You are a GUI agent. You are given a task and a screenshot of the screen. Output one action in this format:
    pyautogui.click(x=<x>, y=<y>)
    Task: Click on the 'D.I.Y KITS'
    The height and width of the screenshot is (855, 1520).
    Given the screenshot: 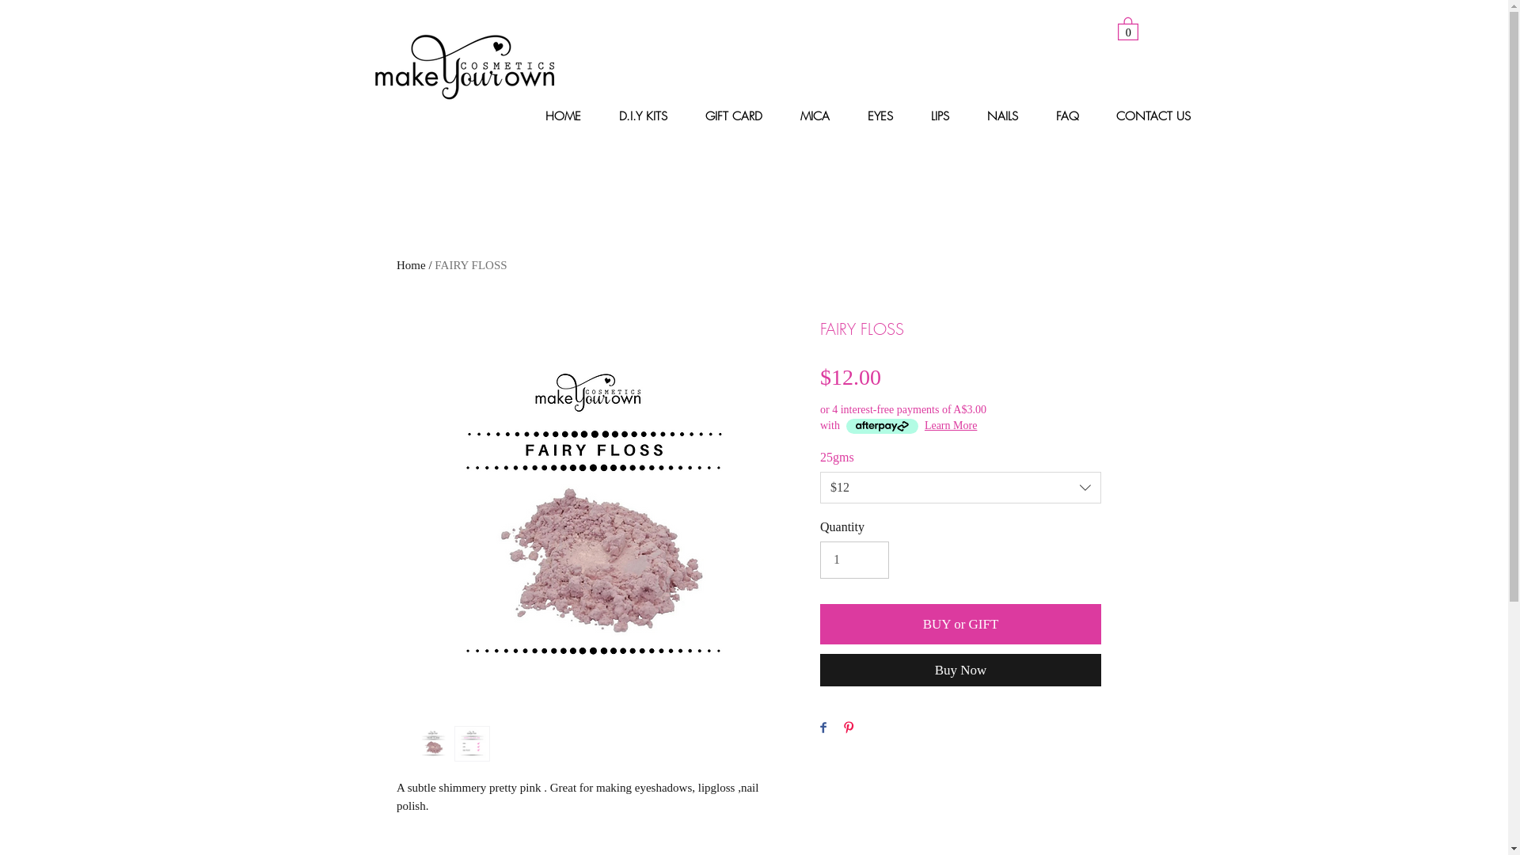 What is the action you would take?
    pyautogui.click(x=606, y=116)
    